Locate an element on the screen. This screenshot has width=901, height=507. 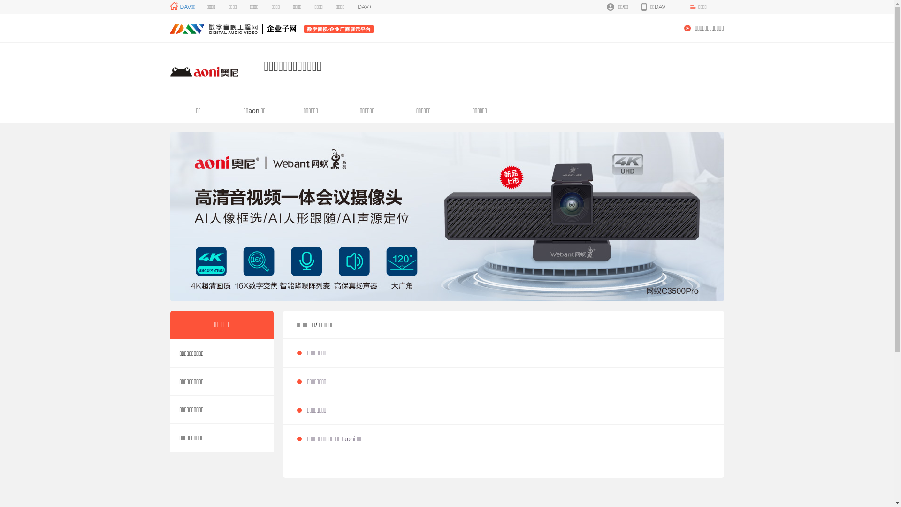
'DAV+' is located at coordinates (364, 7).